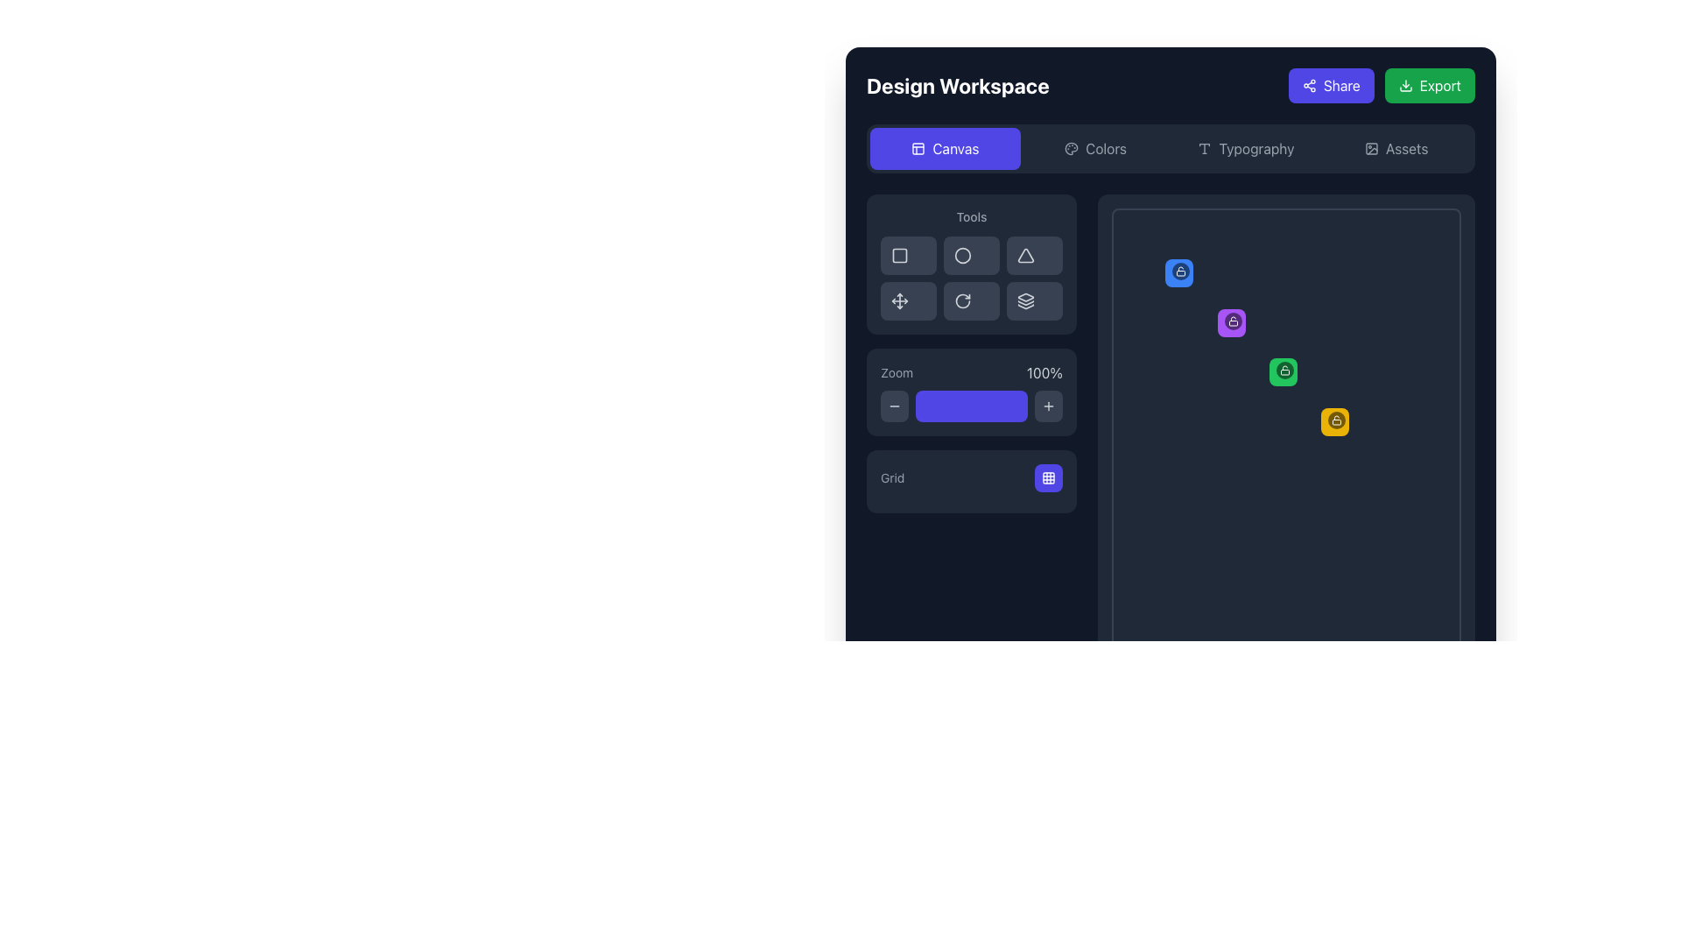  I want to click on the Icon button located in the left section of the interface, which is the first item in the group of tool icons, so click(899, 256).